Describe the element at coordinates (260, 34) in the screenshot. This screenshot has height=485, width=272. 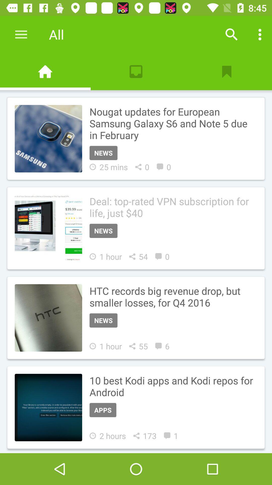
I see `options` at that location.